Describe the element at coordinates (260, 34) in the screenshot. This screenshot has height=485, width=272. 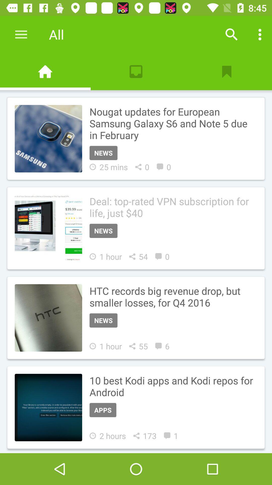
I see `options` at that location.